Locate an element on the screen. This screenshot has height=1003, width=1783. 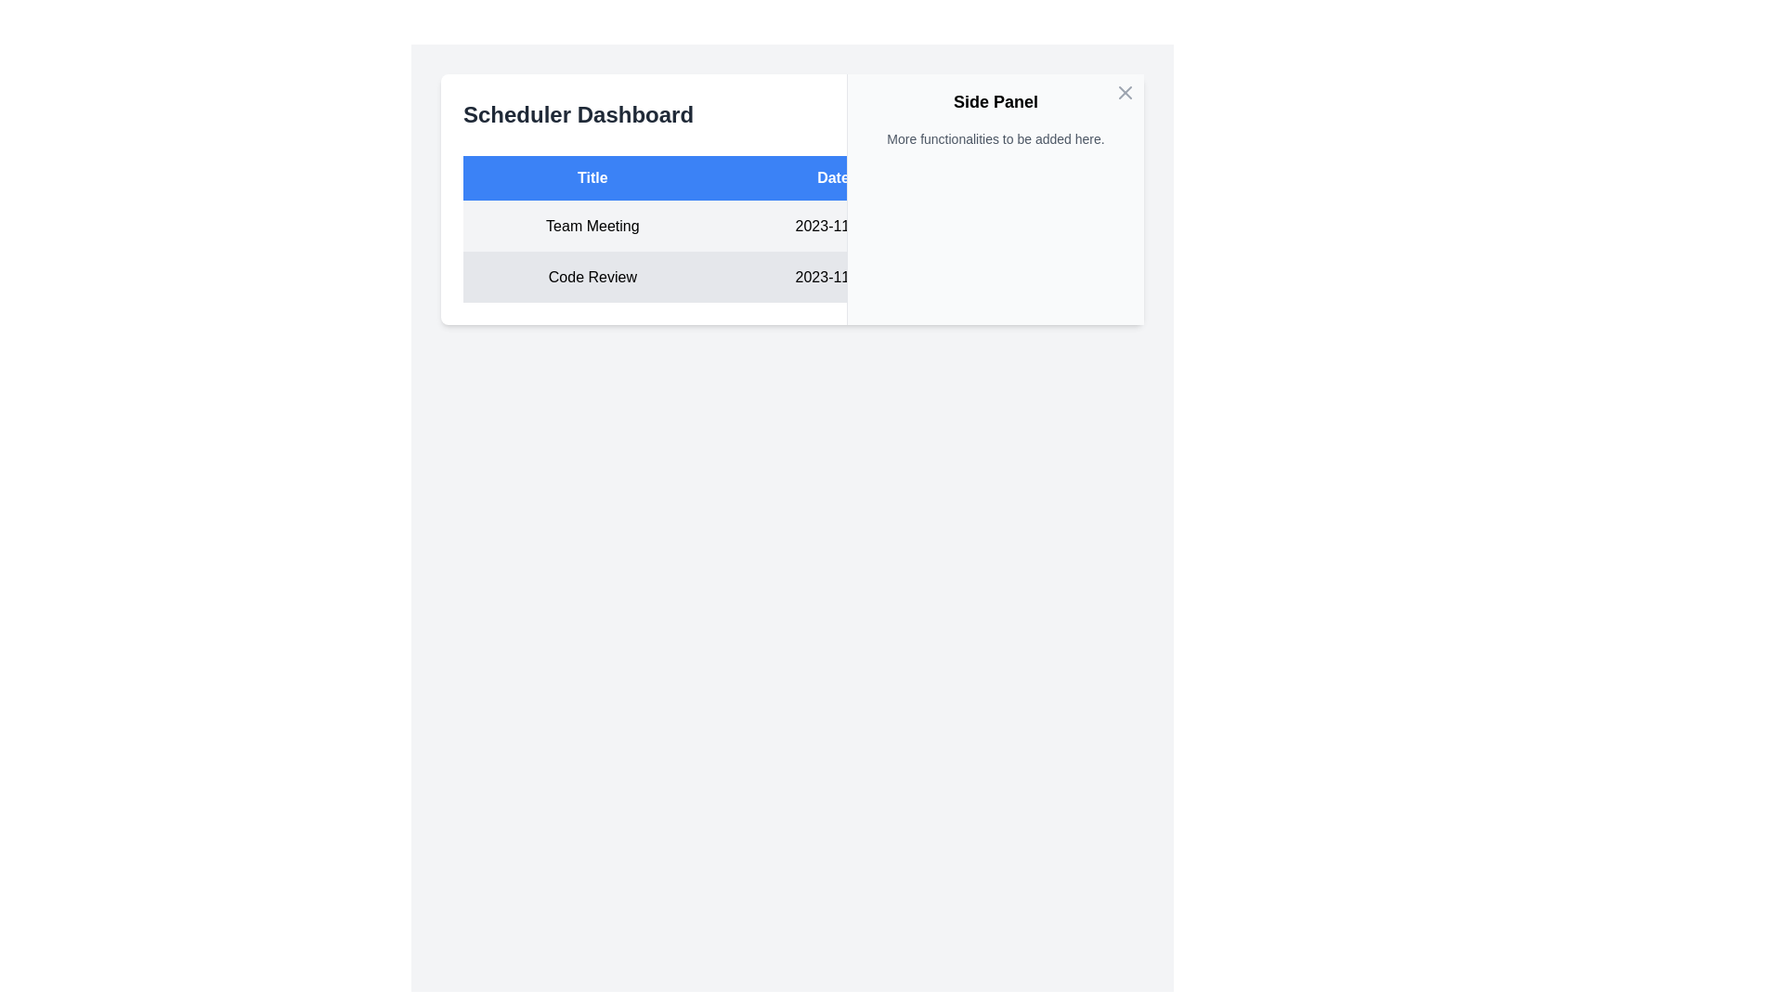
text element labeled 'Side Panel', which is prominently displayed in bold and large font at the top of the side panel is located at coordinates (995, 102).